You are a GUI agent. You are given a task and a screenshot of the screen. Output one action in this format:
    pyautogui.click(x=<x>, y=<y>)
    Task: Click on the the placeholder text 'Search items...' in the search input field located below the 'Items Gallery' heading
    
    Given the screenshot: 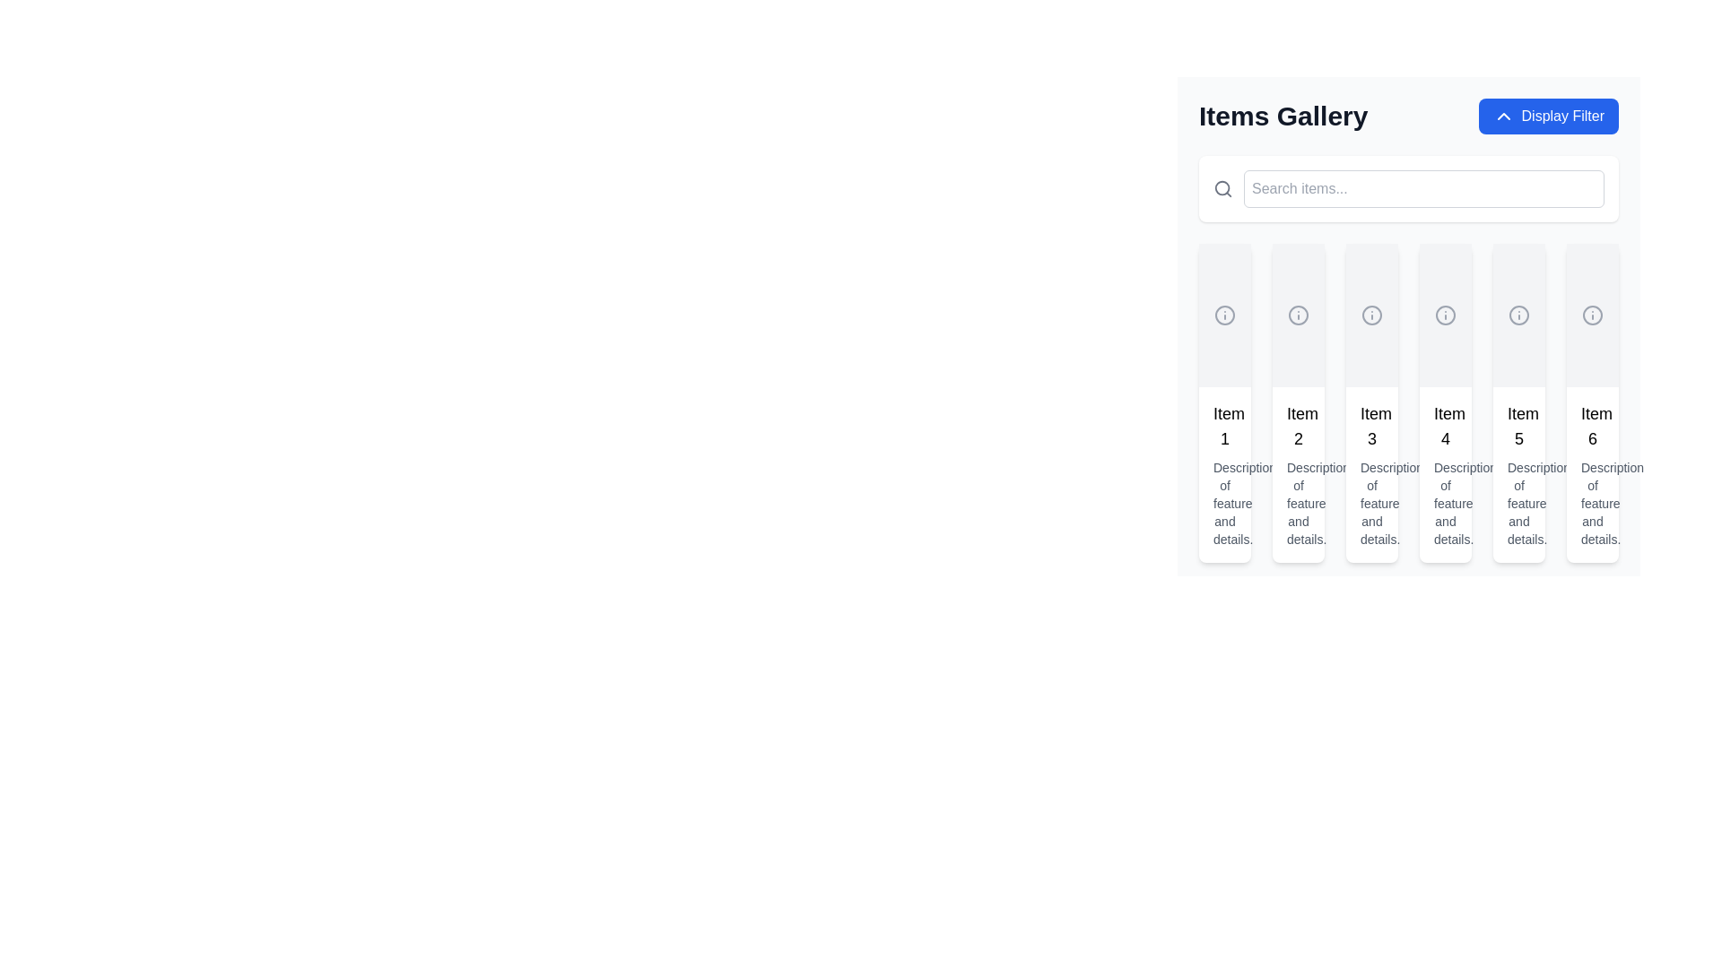 What is the action you would take?
    pyautogui.click(x=1407, y=189)
    